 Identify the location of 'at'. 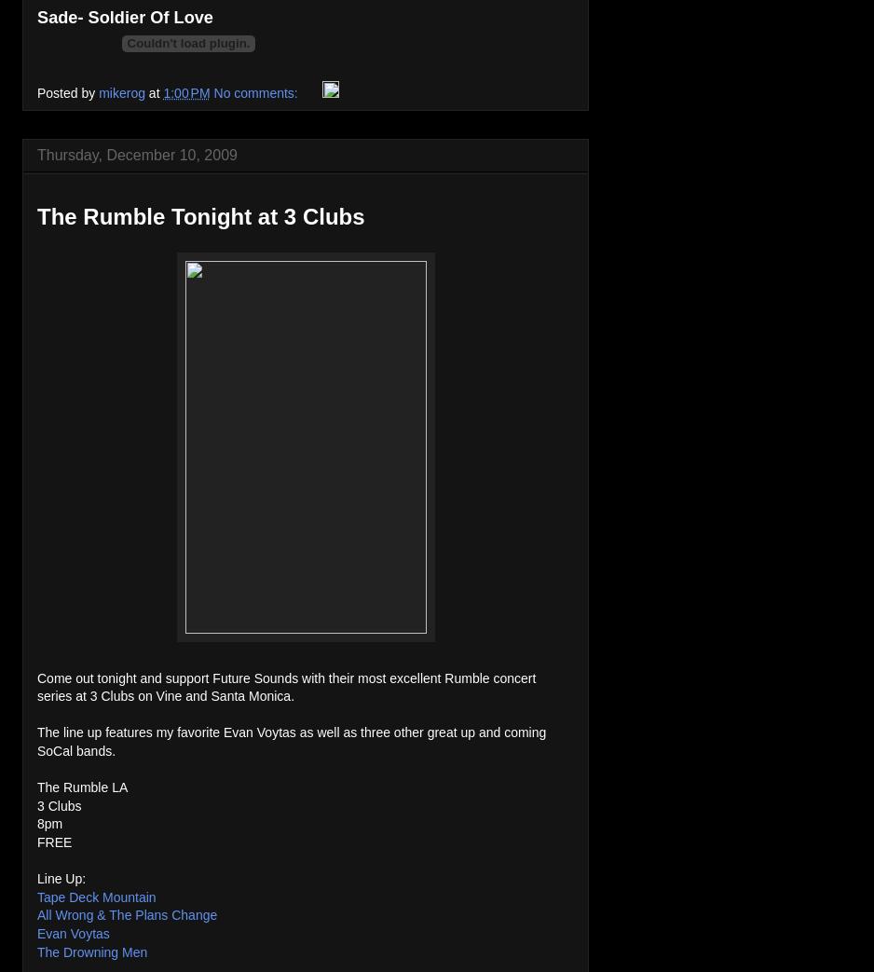
(147, 93).